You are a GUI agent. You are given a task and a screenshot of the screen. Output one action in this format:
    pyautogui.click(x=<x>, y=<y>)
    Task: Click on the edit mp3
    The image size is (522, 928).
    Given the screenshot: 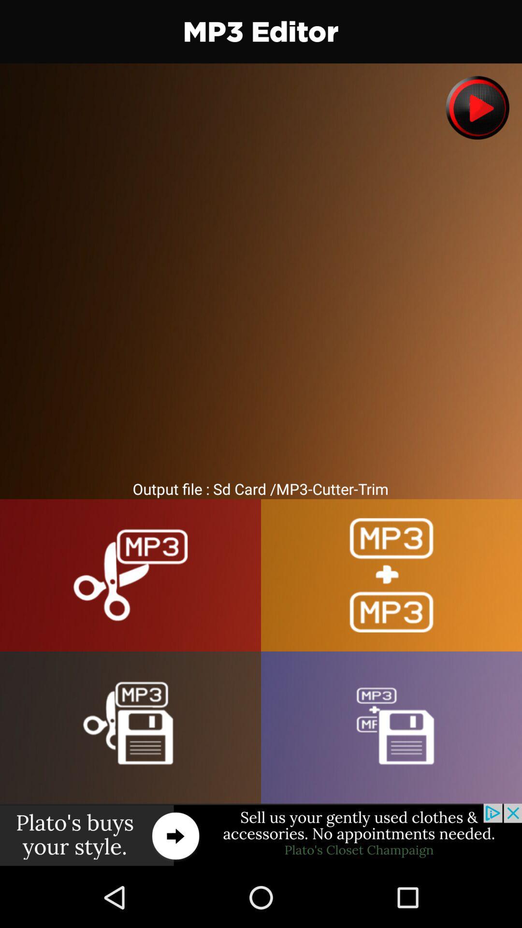 What is the action you would take?
    pyautogui.click(x=130, y=575)
    